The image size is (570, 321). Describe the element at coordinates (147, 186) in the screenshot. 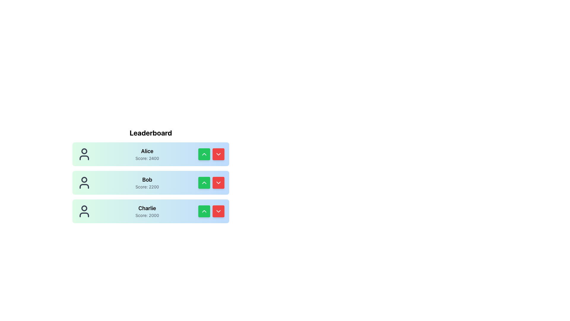

I see `the text label displaying 'Score: 2200', which is positioned below the bold label 'Bob' and to the right of a circular icon` at that location.